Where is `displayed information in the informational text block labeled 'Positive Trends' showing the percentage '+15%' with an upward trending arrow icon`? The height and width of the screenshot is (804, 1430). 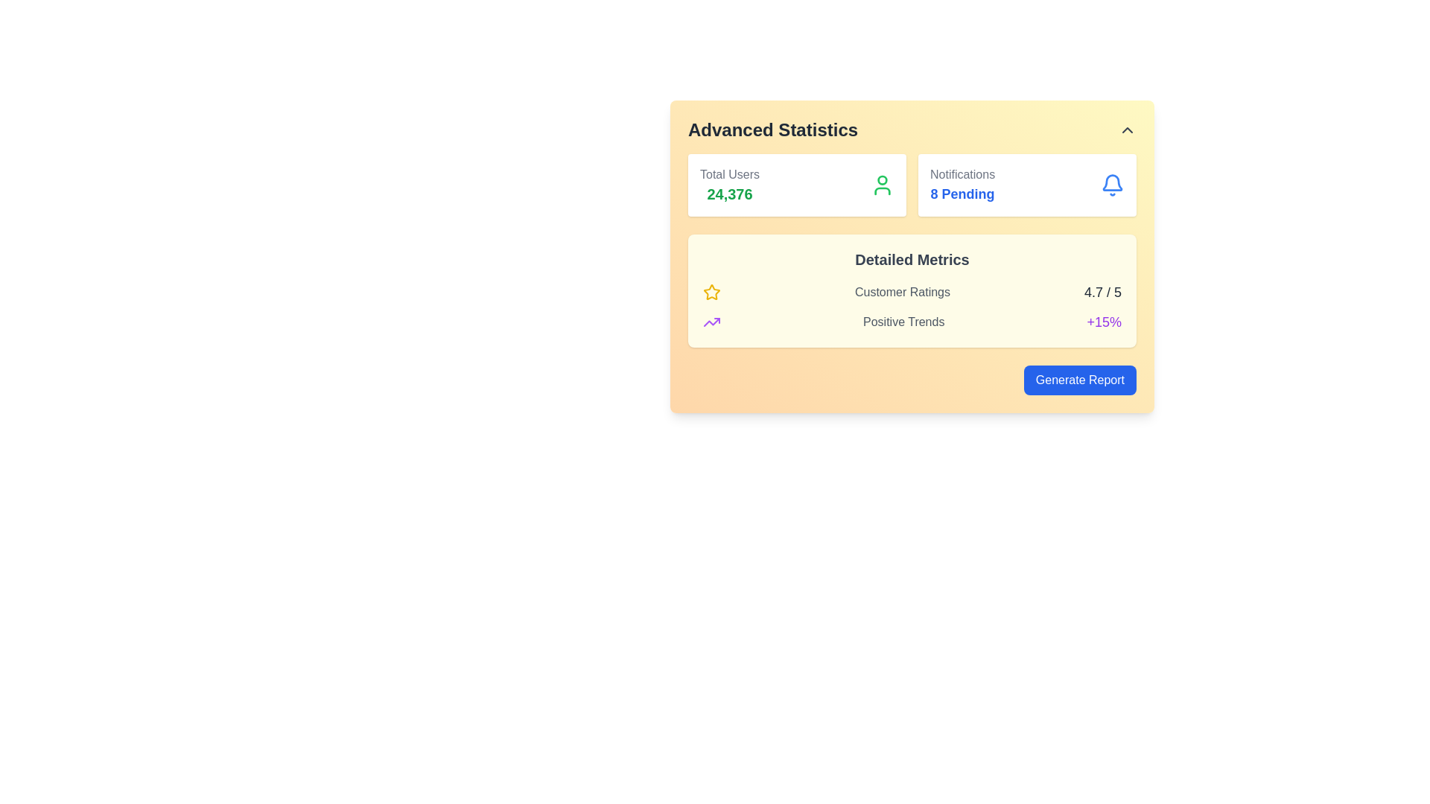
displayed information in the informational text block labeled 'Positive Trends' showing the percentage '+15%' with an upward trending arrow icon is located at coordinates (911, 321).